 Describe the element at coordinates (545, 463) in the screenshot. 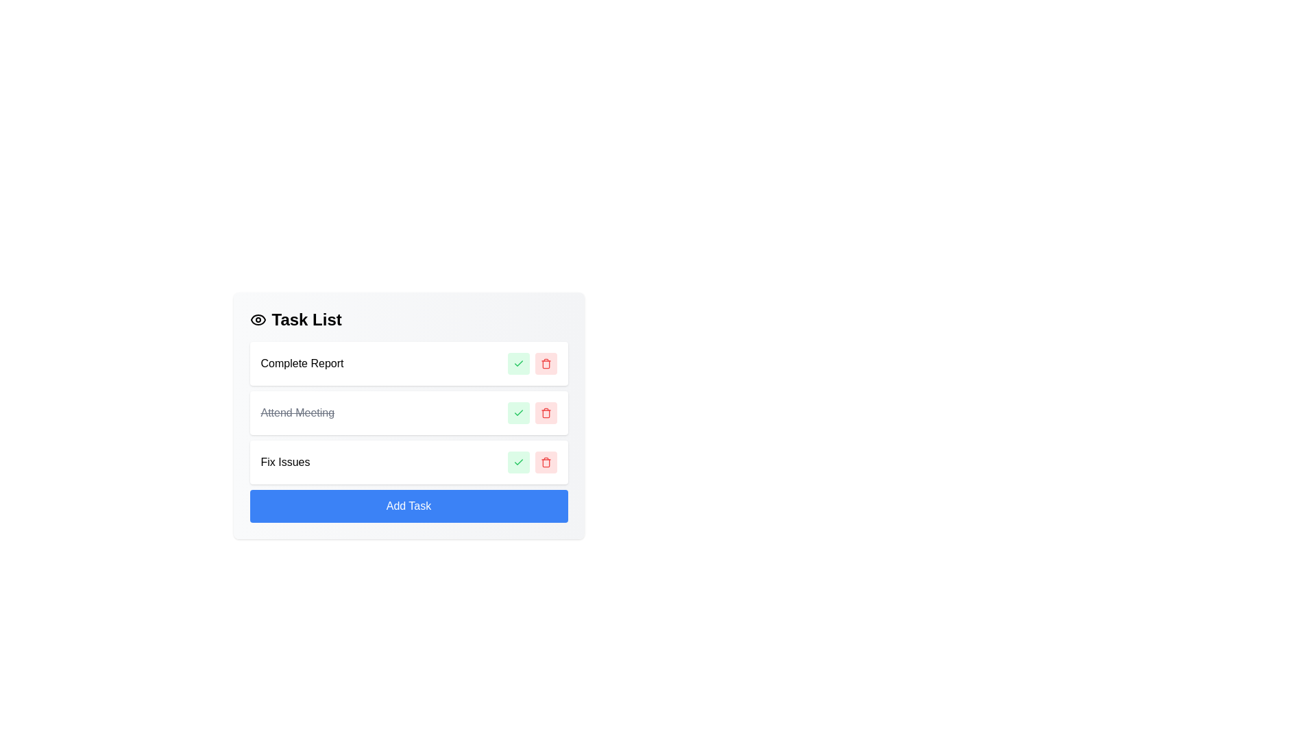

I see `the delete button for the task named Fix Issues` at that location.